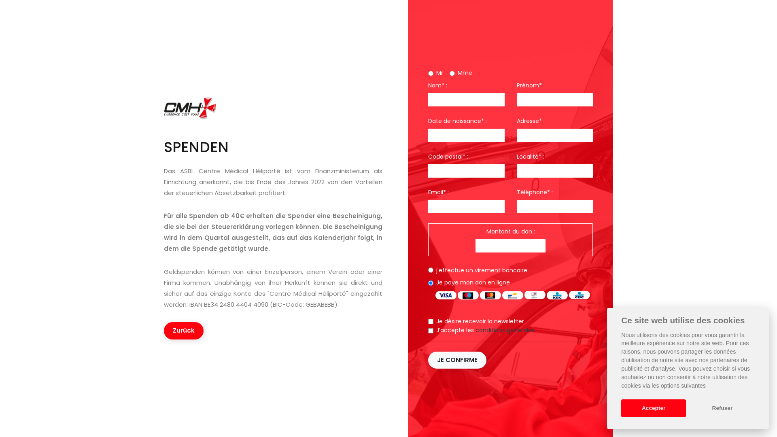  Describe the element at coordinates (653, 408) in the screenshot. I see `'Accepter'` at that location.